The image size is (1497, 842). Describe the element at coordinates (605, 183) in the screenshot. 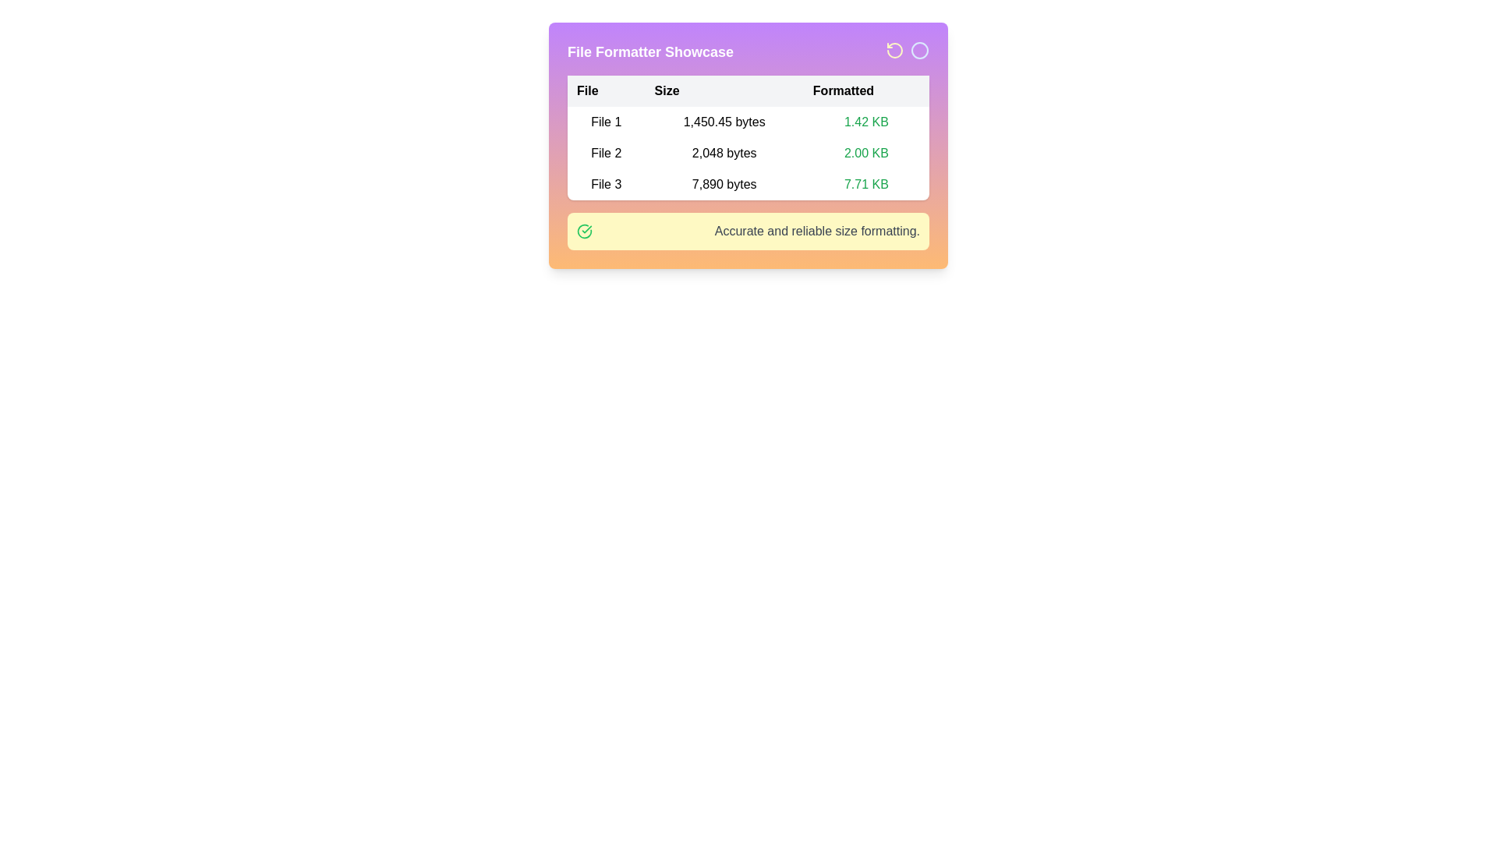

I see `the static text label in the first column of the third row of the file table, which indicates the name or identifier of a file` at that location.